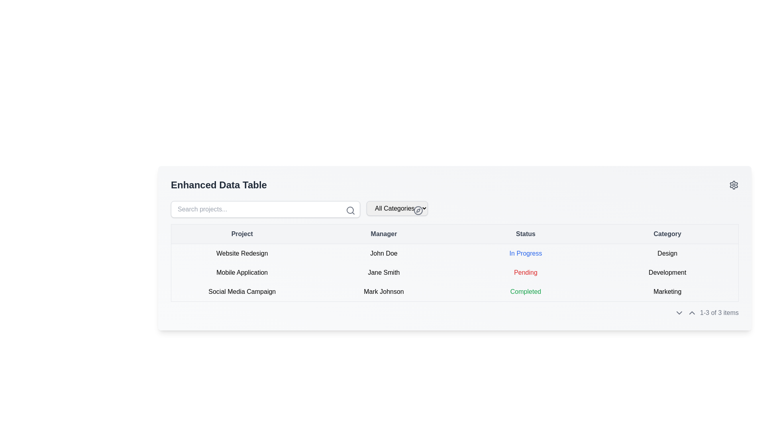 This screenshot has width=765, height=430. I want to click on the 'Completed' status text label, which is styled in green and located in the 'Status' column of the last row for the 'Social Media Campaign' project, so click(526, 292).